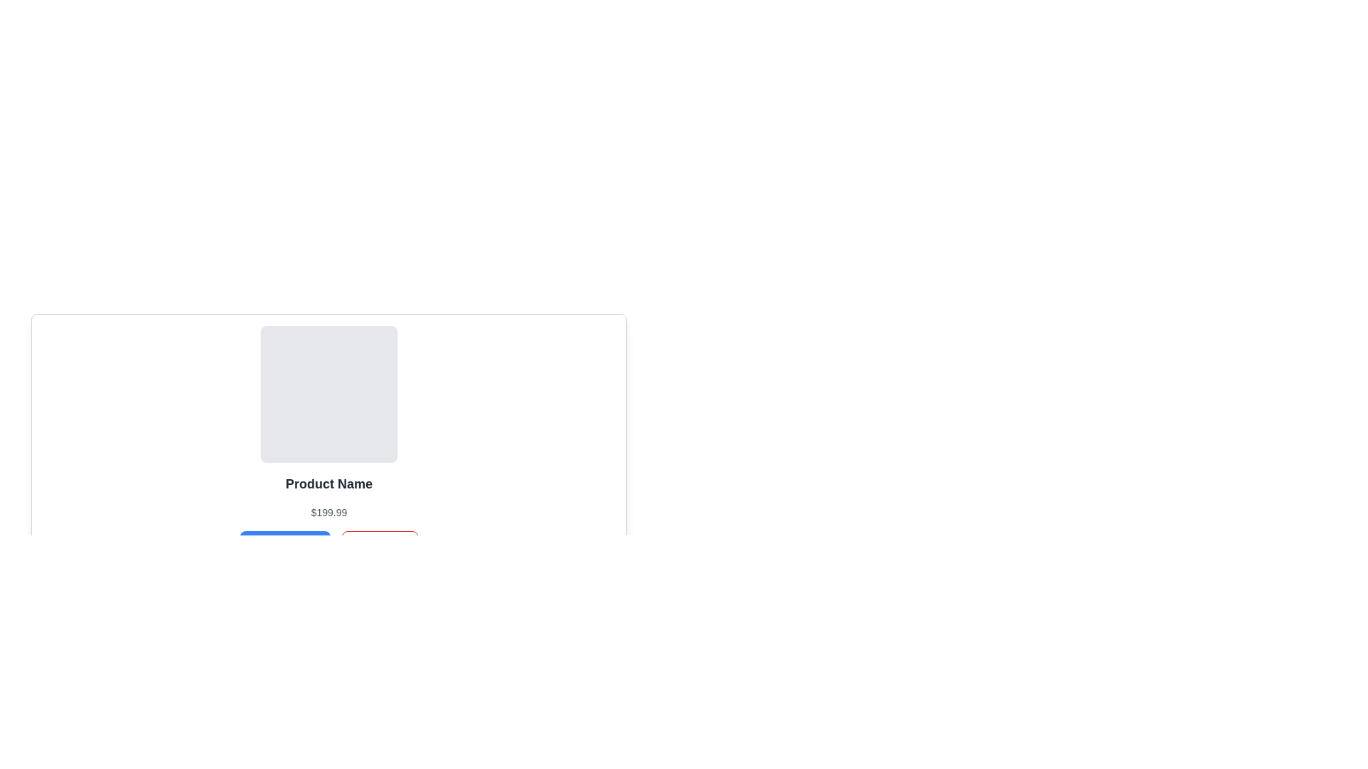  I want to click on the Text label that displays the price of the associated product, located below 'Product Name' and above 'Add to Cart' and 'Wishlist', so click(328, 513).